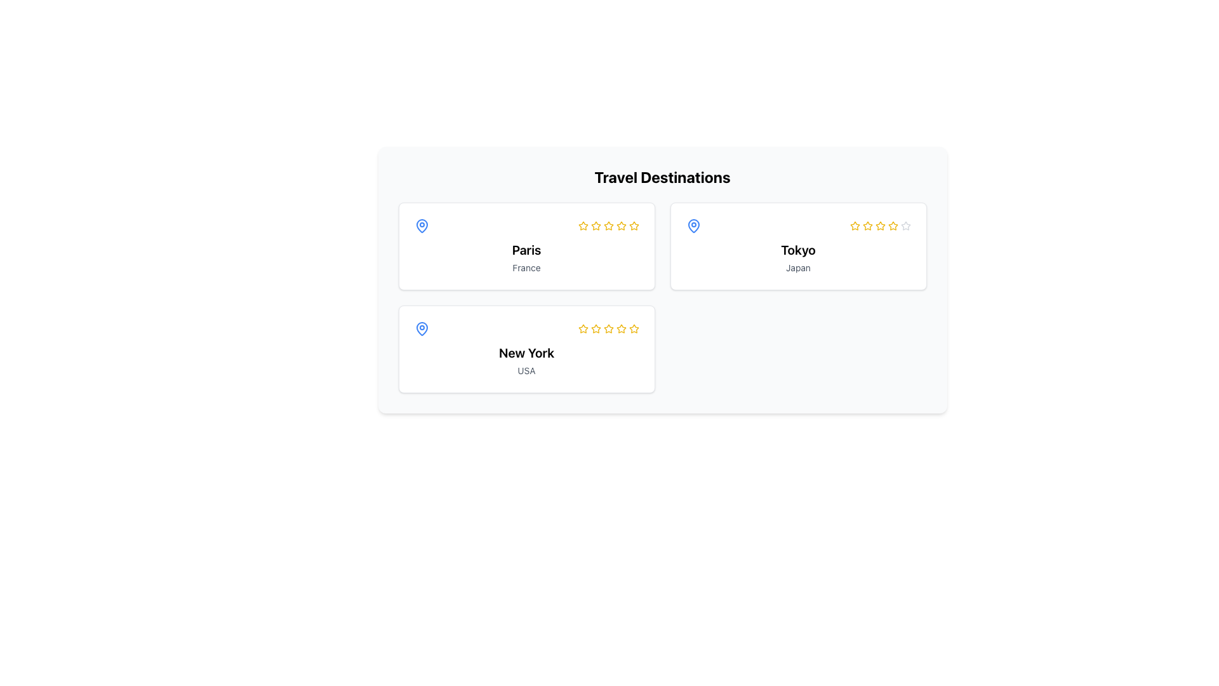 This screenshot has width=1219, height=686. I want to click on the third star icon in the rating component of the 'New York' card, which is styled as a five-pointed star with a yellow outline and a transparent center, so click(634, 328).